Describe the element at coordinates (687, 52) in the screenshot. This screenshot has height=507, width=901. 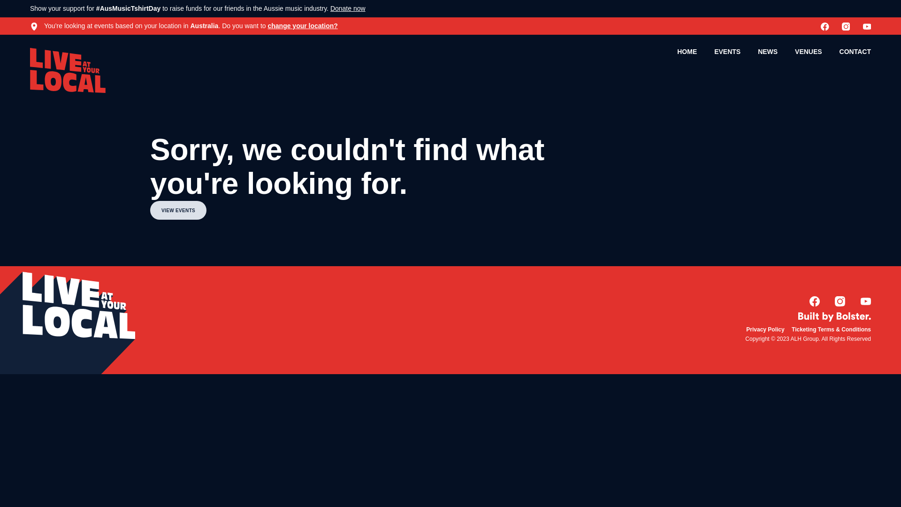
I see `'HOME'` at that location.